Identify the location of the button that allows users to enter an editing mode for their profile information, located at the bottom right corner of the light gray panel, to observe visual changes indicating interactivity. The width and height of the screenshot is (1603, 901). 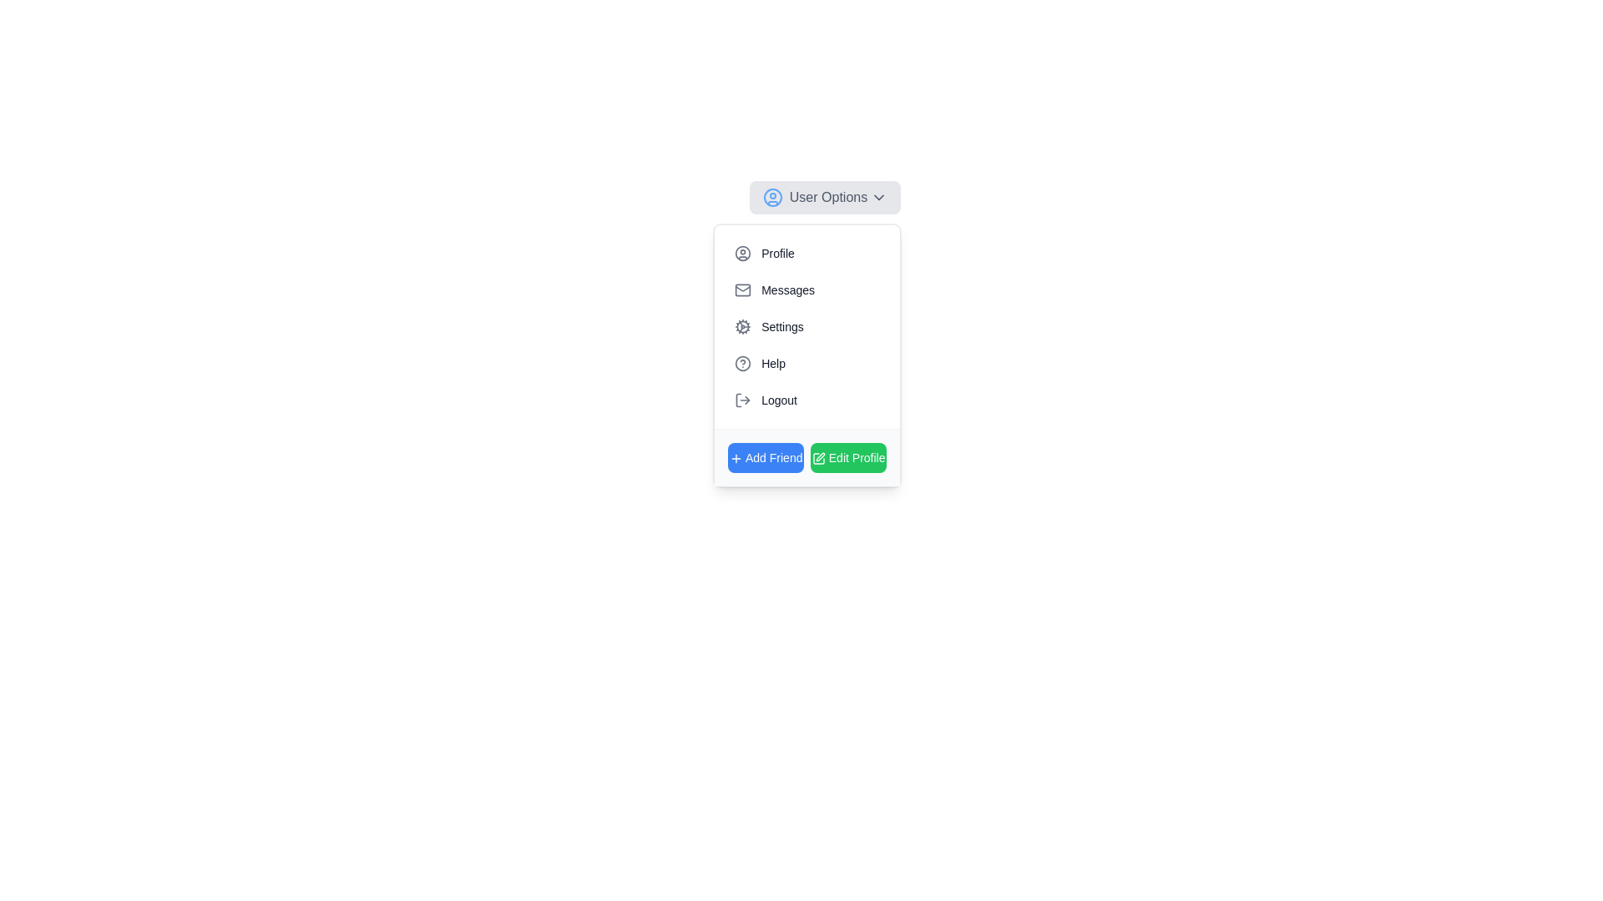
(848, 457).